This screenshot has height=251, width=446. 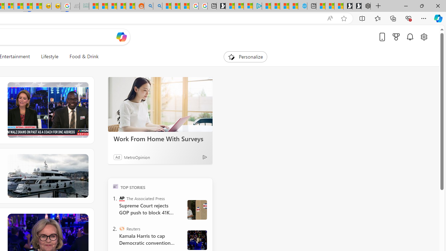 I want to click on 'Ad Choice', so click(x=205, y=157).